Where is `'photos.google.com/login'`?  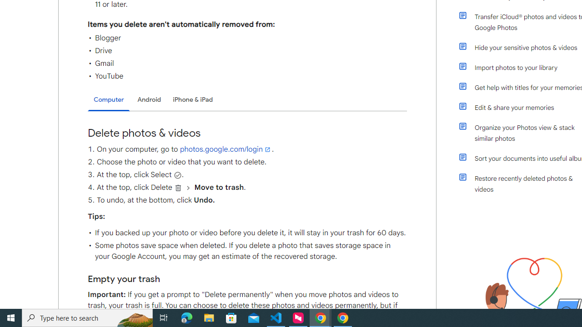 'photos.google.com/login' is located at coordinates (226, 149).